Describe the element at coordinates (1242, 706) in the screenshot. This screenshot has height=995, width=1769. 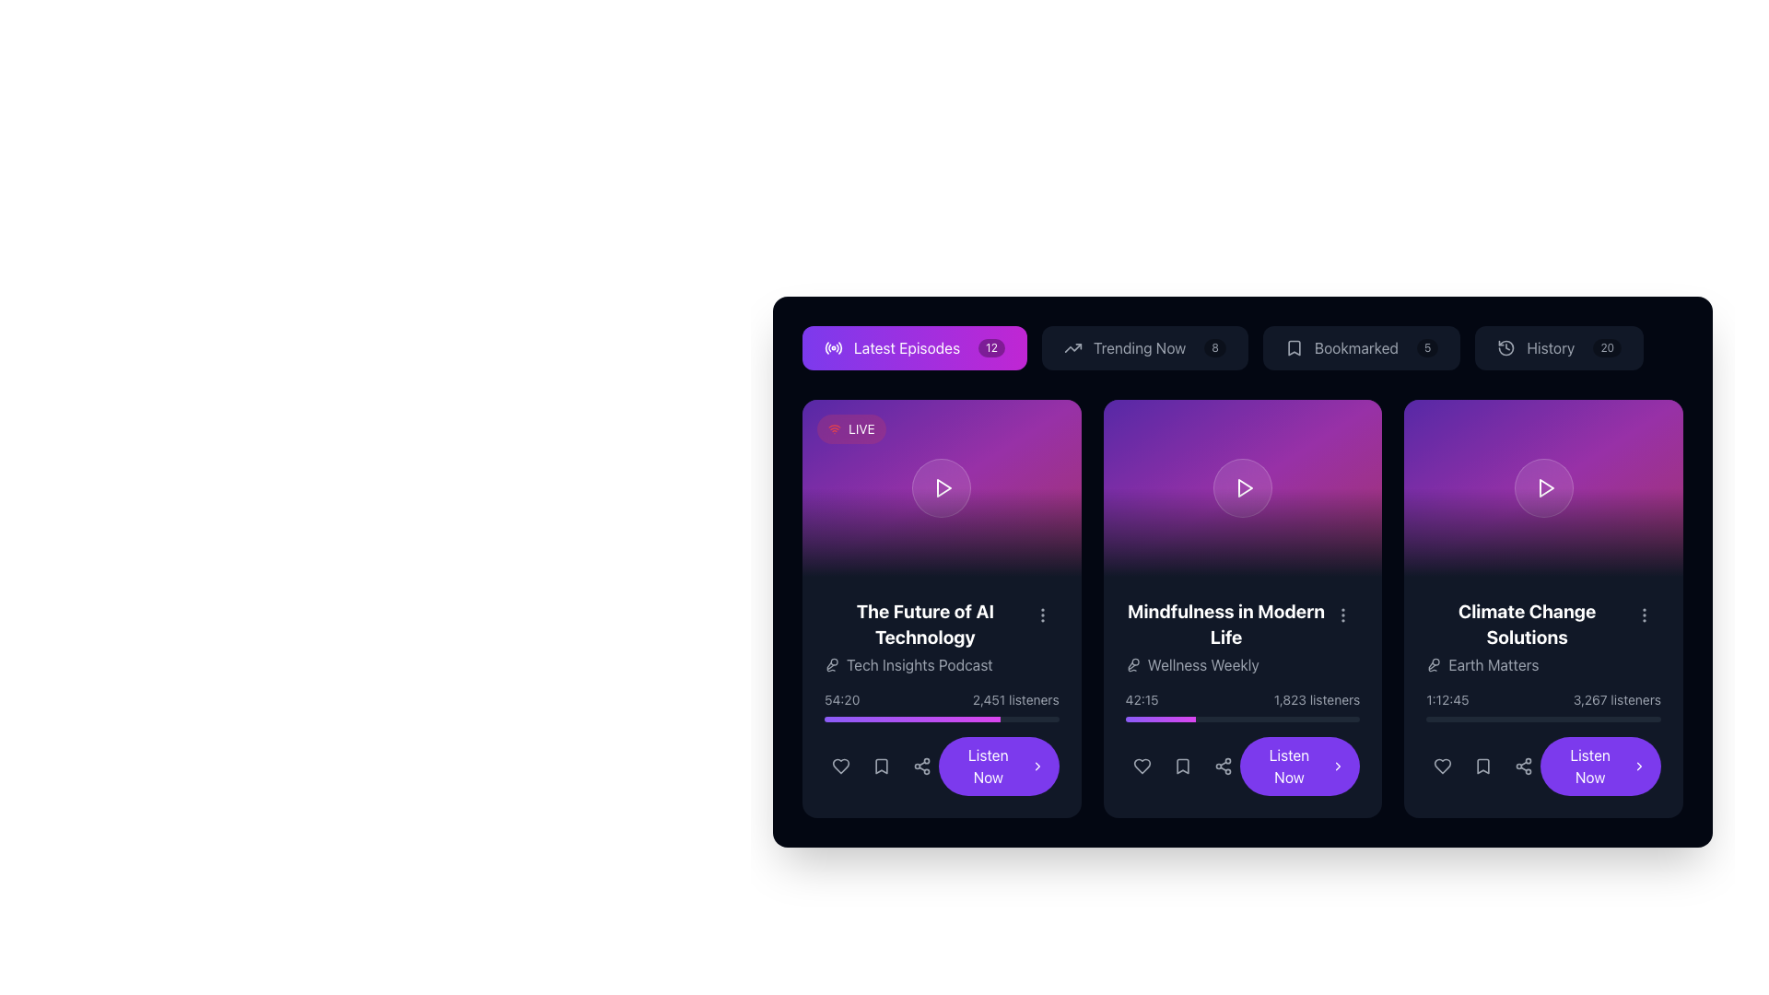
I see `displayed information on the Informational display with a progress bar showing '42:15' and '1,823 listeners' below the title 'Mindfulness in Modern Life.'` at that location.